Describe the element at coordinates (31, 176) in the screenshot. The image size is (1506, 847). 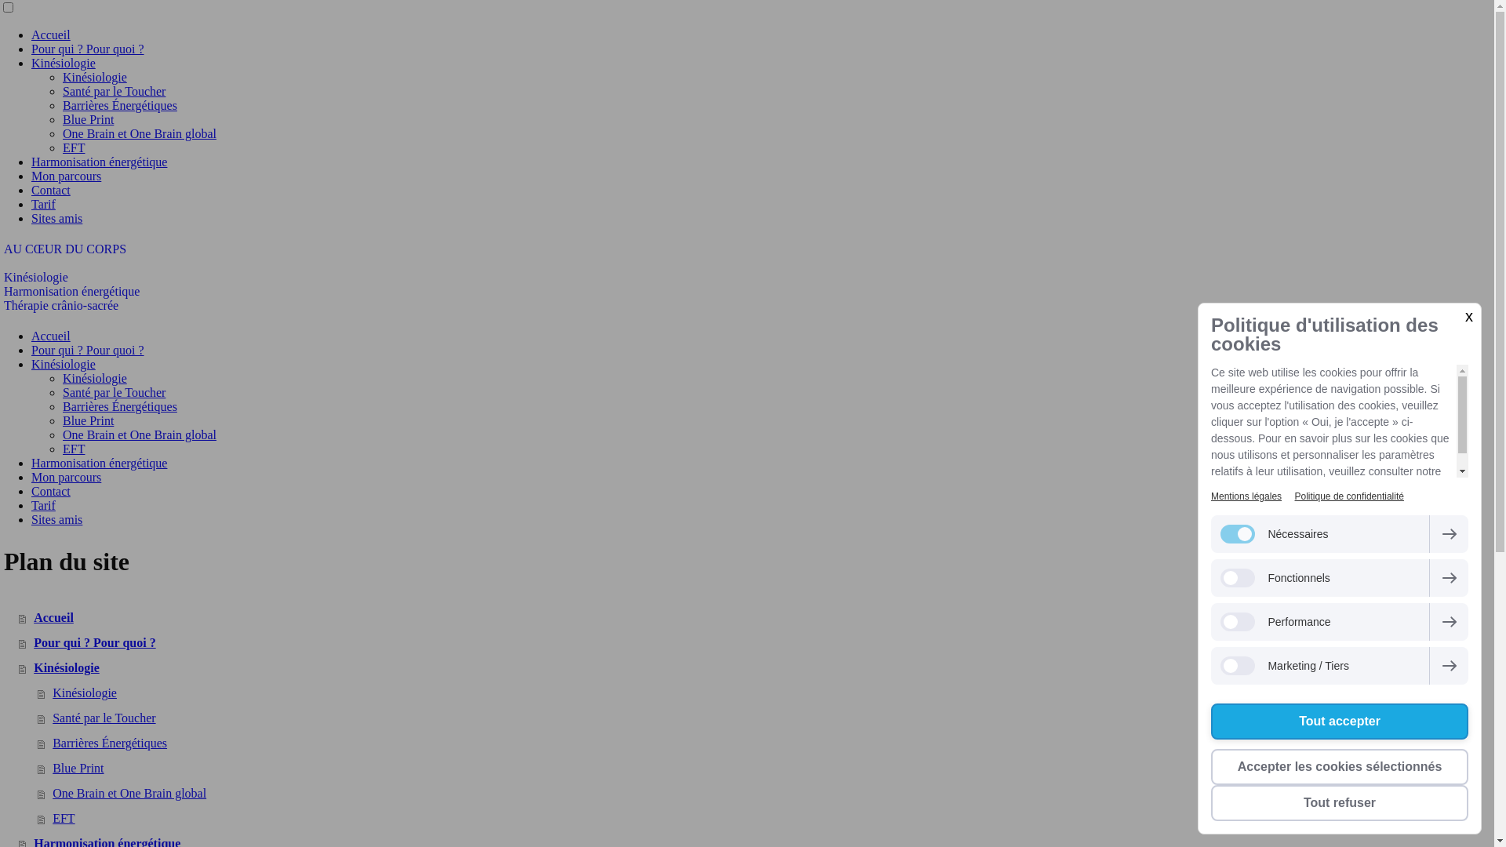
I see `'Mon parcours'` at that location.